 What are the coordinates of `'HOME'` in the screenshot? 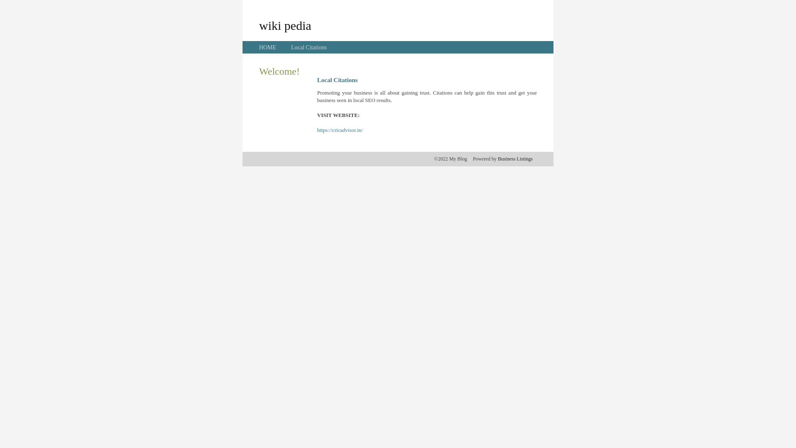 It's located at (267, 47).